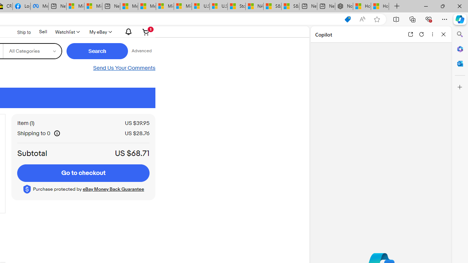  What do you see at coordinates (146, 31) in the screenshot?
I see `'Your shopping cart contains 1 item'` at bounding box center [146, 31].